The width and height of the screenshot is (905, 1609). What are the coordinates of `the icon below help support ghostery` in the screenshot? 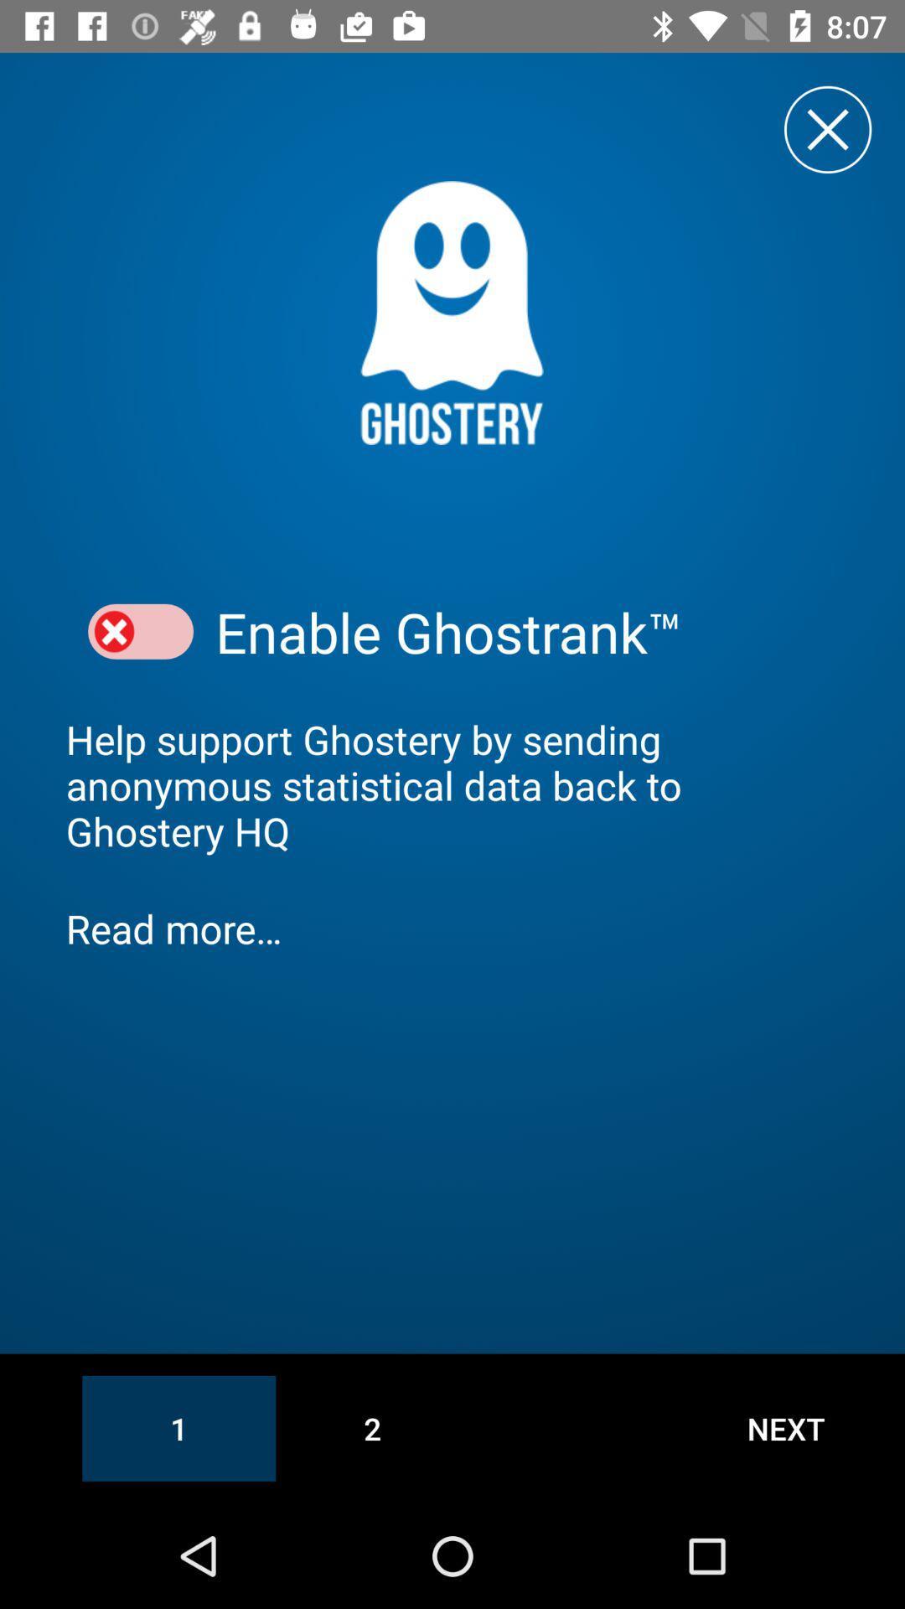 It's located at (452, 928).